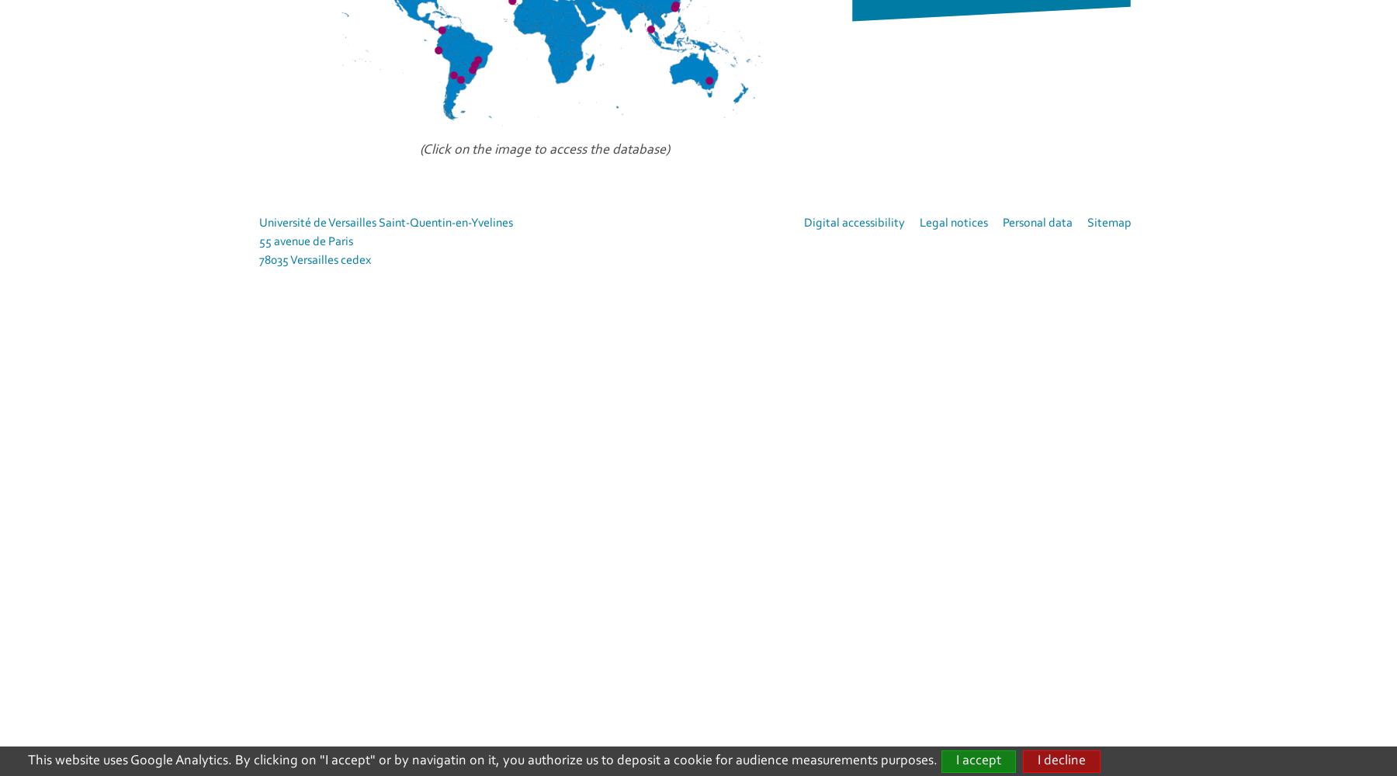 The width and height of the screenshot is (1397, 776). Describe the element at coordinates (1038, 223) in the screenshot. I see `'Personal data'` at that location.